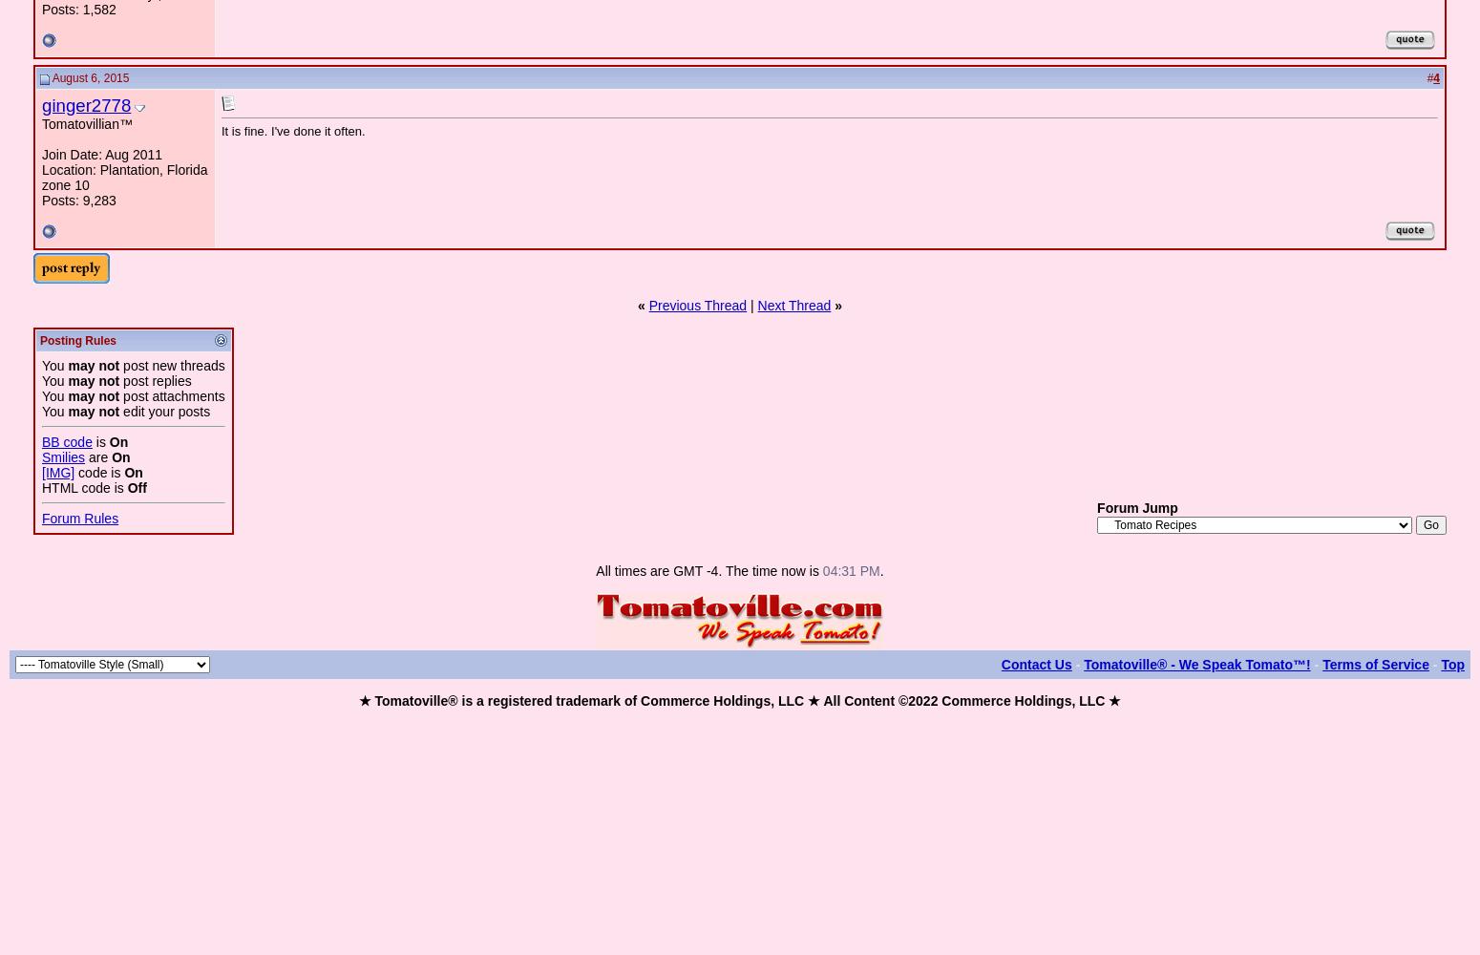 The height and width of the screenshot is (955, 1480). What do you see at coordinates (751, 305) in the screenshot?
I see `'|'` at bounding box center [751, 305].